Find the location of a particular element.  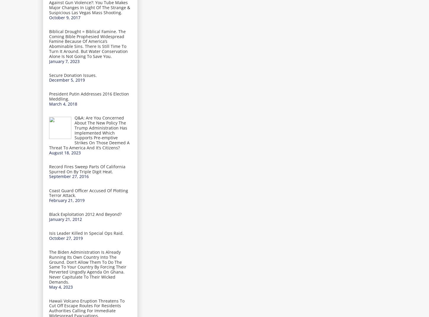

'The Biden Administration Is Already Running Its Own Country Into The Ground. Don’t Allow Them To Do The Same To Your Country By Forcing Their Perverted Ungodly Agenda On Ghana. Never Capitulate To Their Wicked Demands.' is located at coordinates (49, 267).